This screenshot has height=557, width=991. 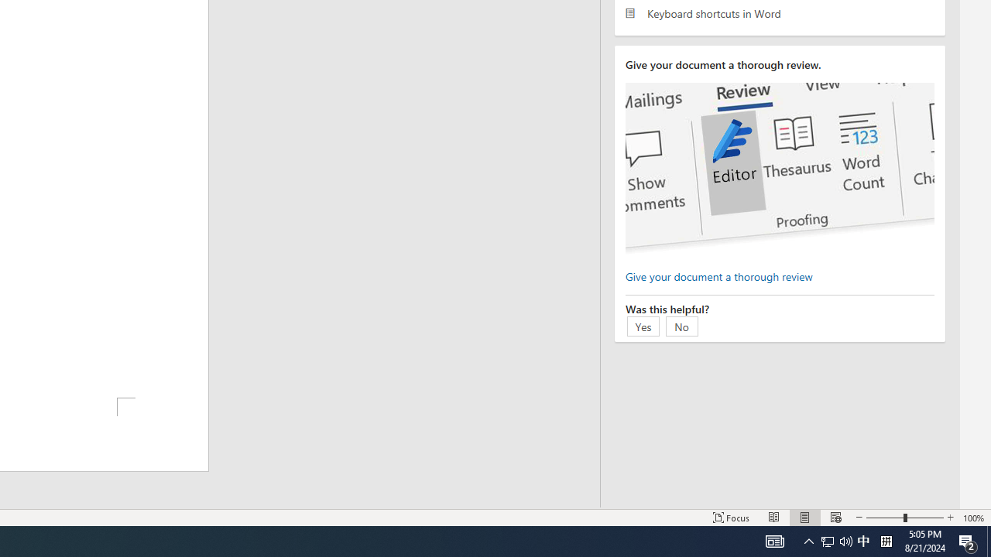 What do you see at coordinates (885, 518) in the screenshot?
I see `'Zoom Out'` at bounding box center [885, 518].